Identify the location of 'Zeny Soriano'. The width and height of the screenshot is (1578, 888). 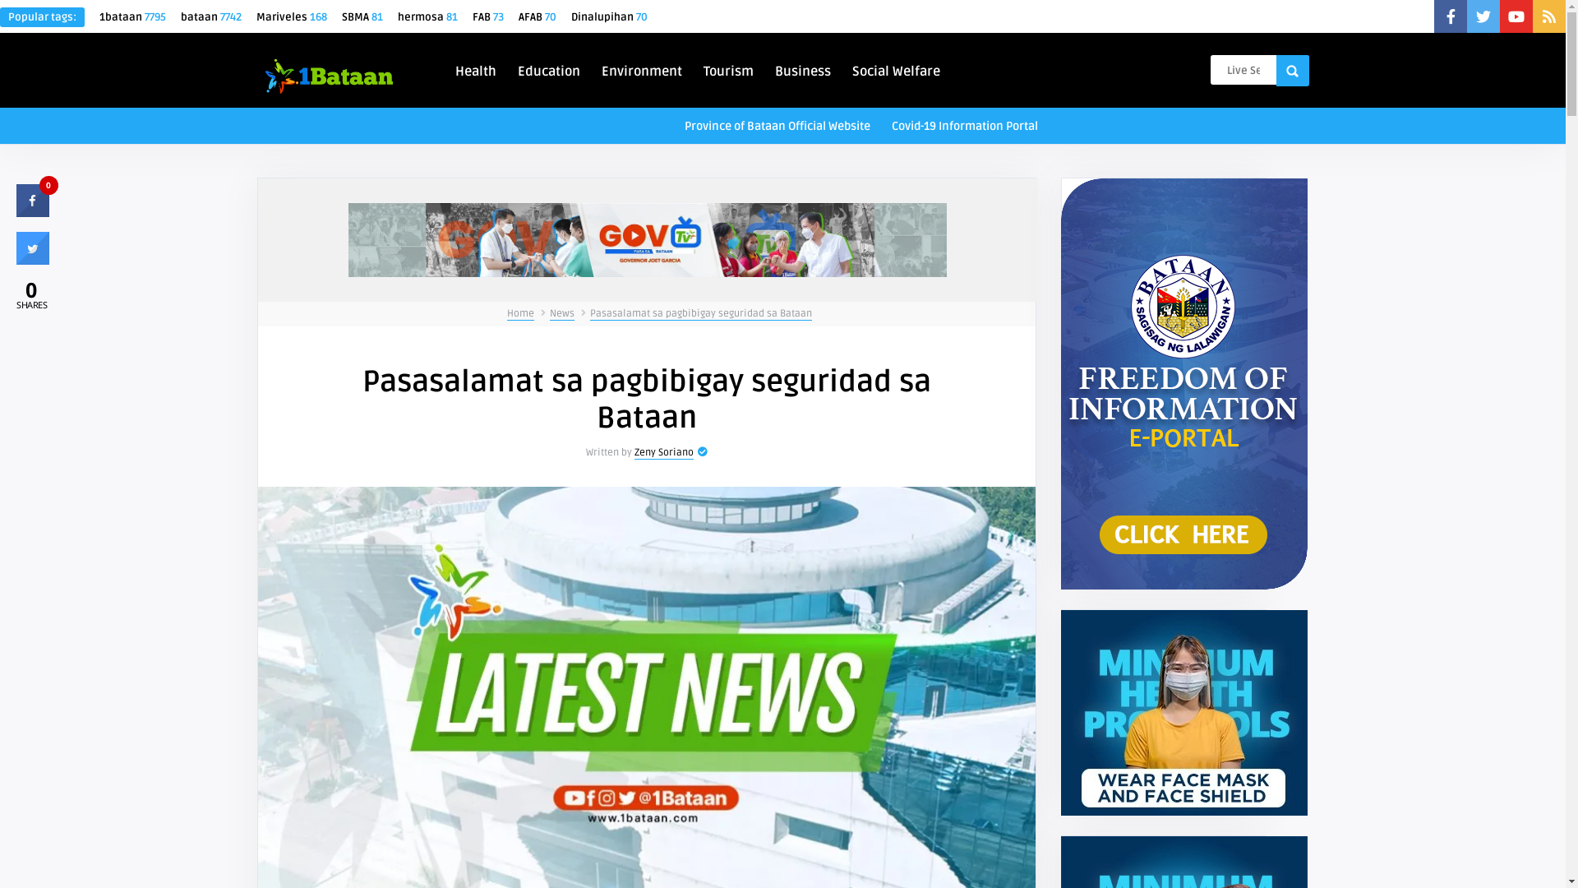
(663, 453).